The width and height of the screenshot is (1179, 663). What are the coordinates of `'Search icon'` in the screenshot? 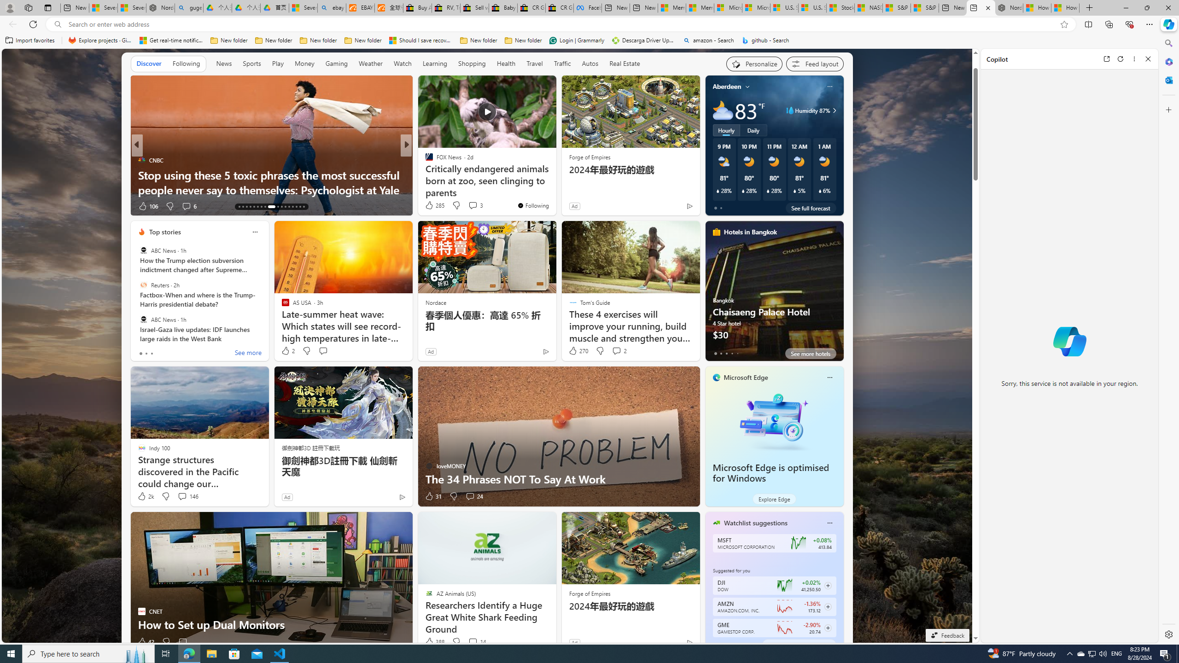 It's located at (58, 24).